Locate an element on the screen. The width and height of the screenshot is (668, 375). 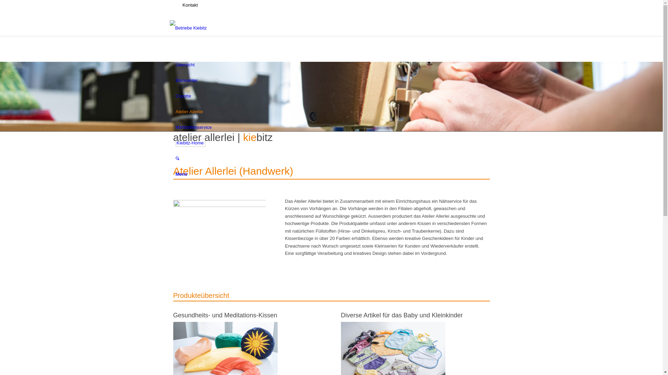
'Cocotte' is located at coordinates (183, 96).